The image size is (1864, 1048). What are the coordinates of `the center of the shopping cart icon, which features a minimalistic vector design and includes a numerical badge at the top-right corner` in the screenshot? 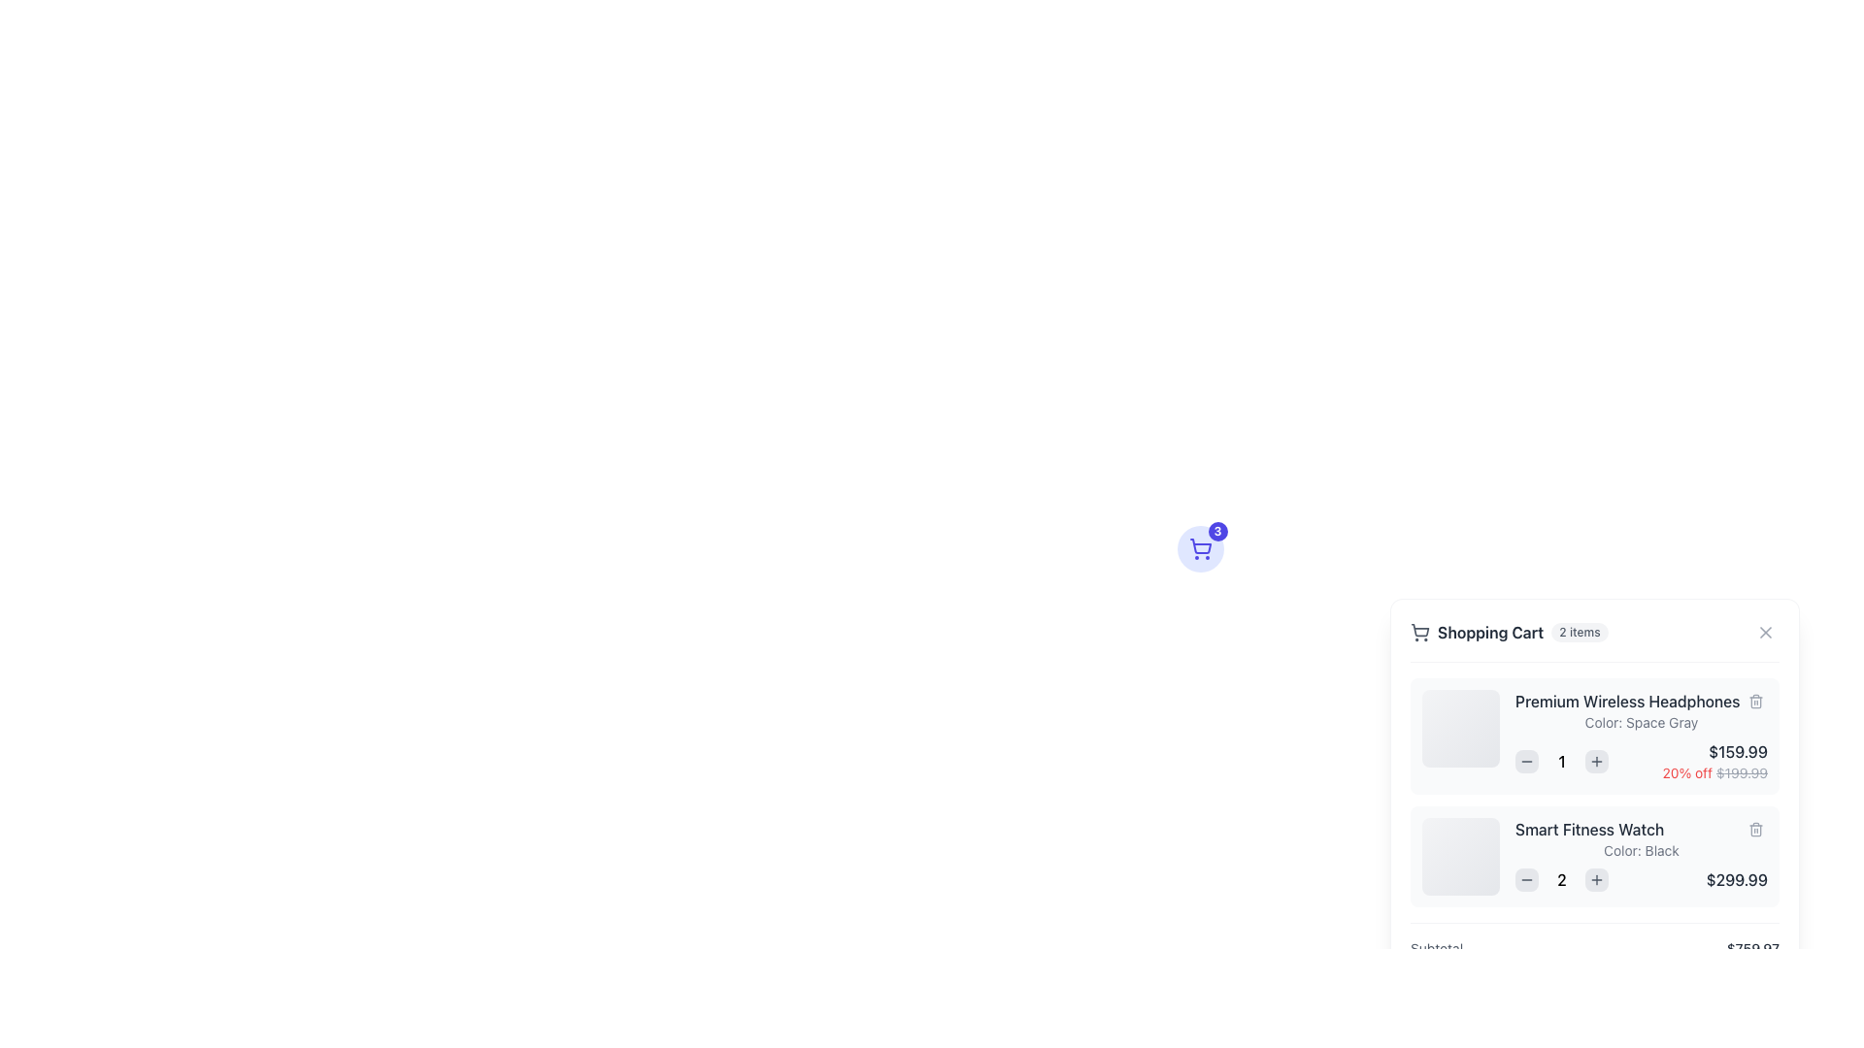 It's located at (1199, 546).